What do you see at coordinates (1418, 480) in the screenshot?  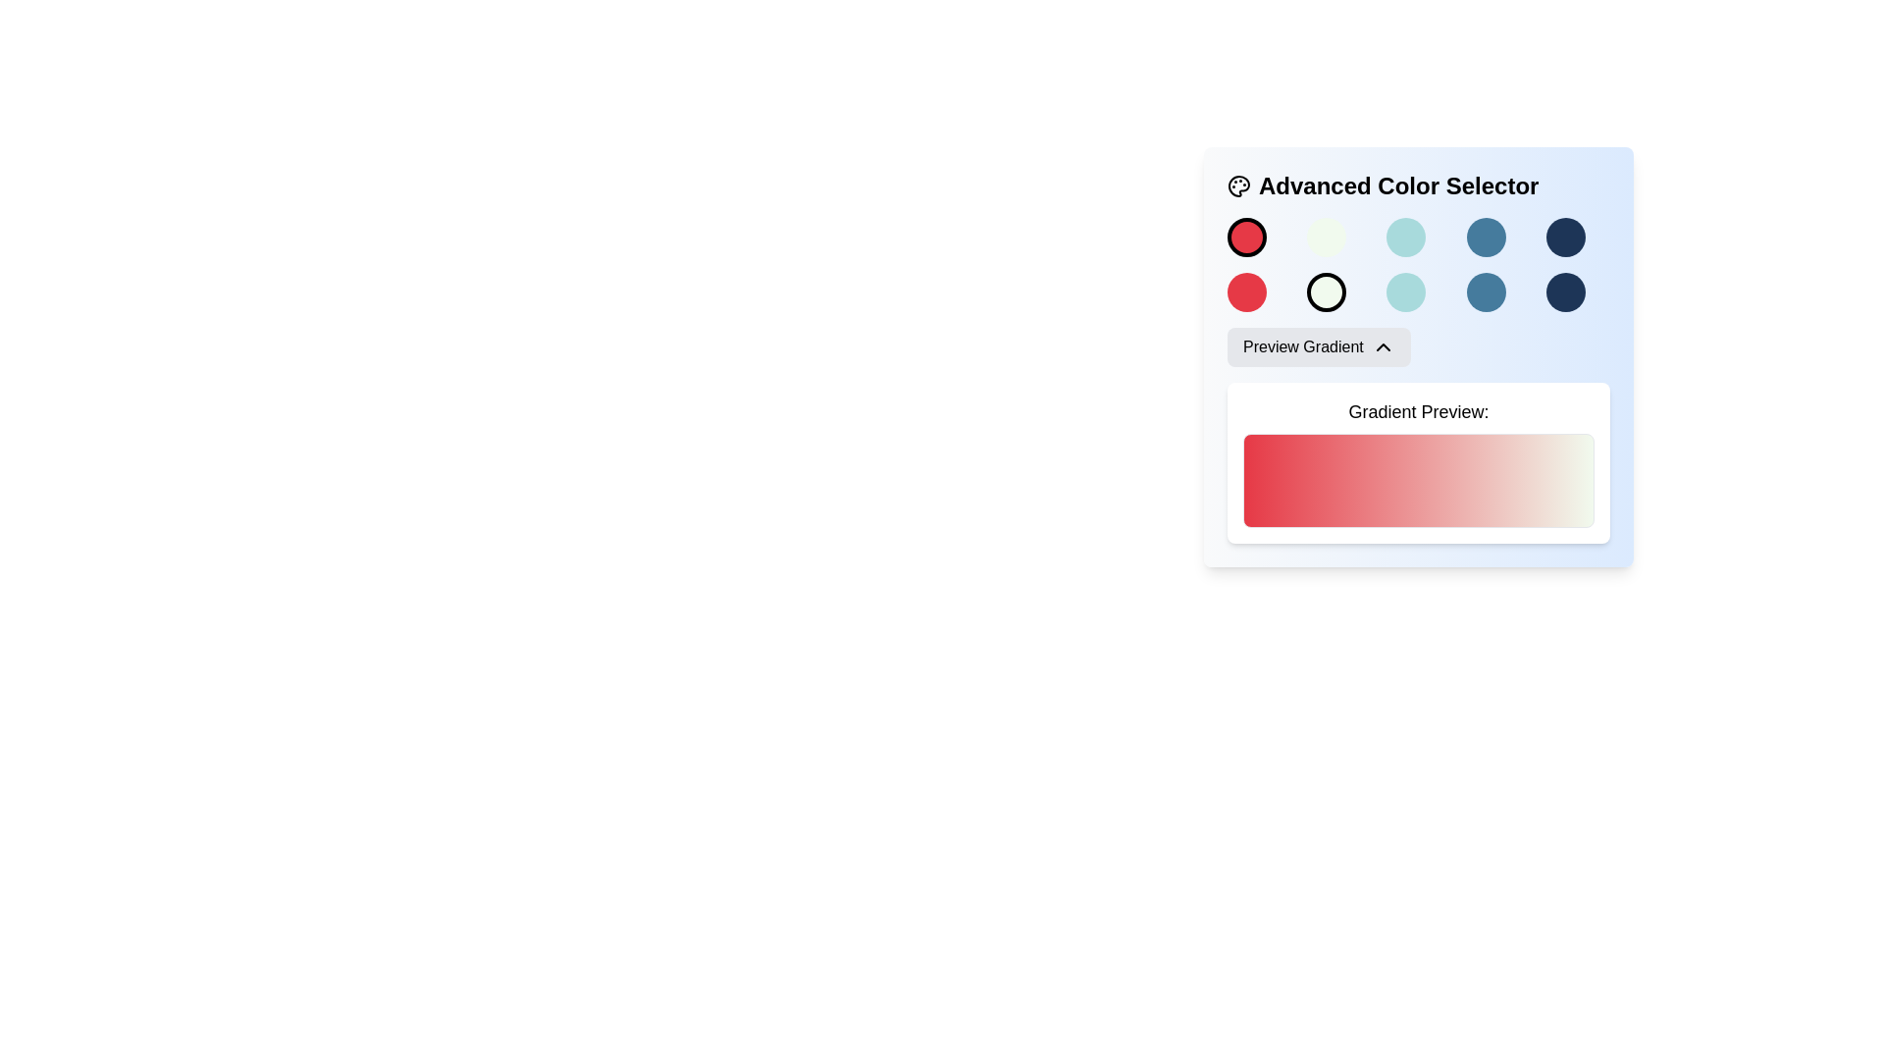 I see `the Visualization Panel, which is a horizontally rectangular display with a gradient background transitioning from red to off-white, located below the 'Gradient Preview:' label in the 'Advanced Color Selector' interface` at bounding box center [1418, 480].